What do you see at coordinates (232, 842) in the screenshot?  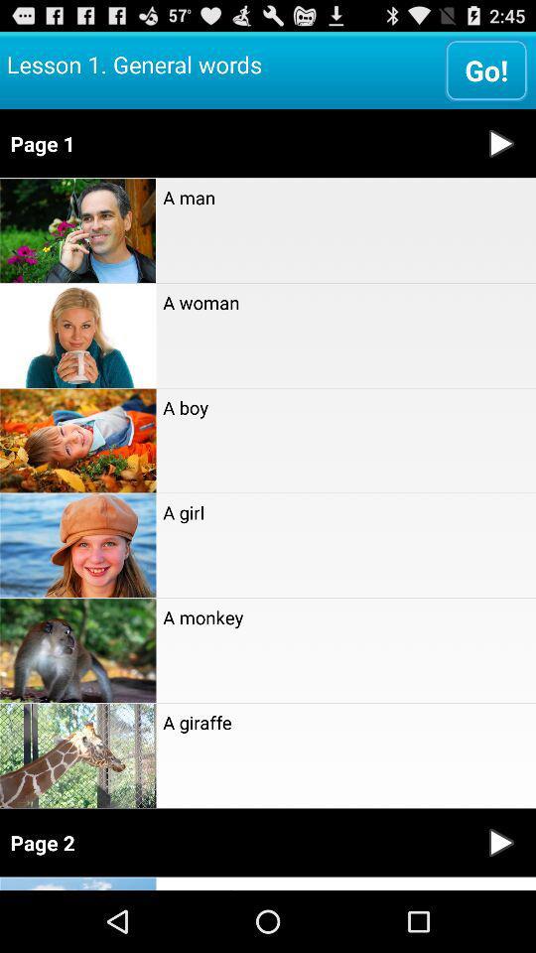 I see `the page 2 item` at bounding box center [232, 842].